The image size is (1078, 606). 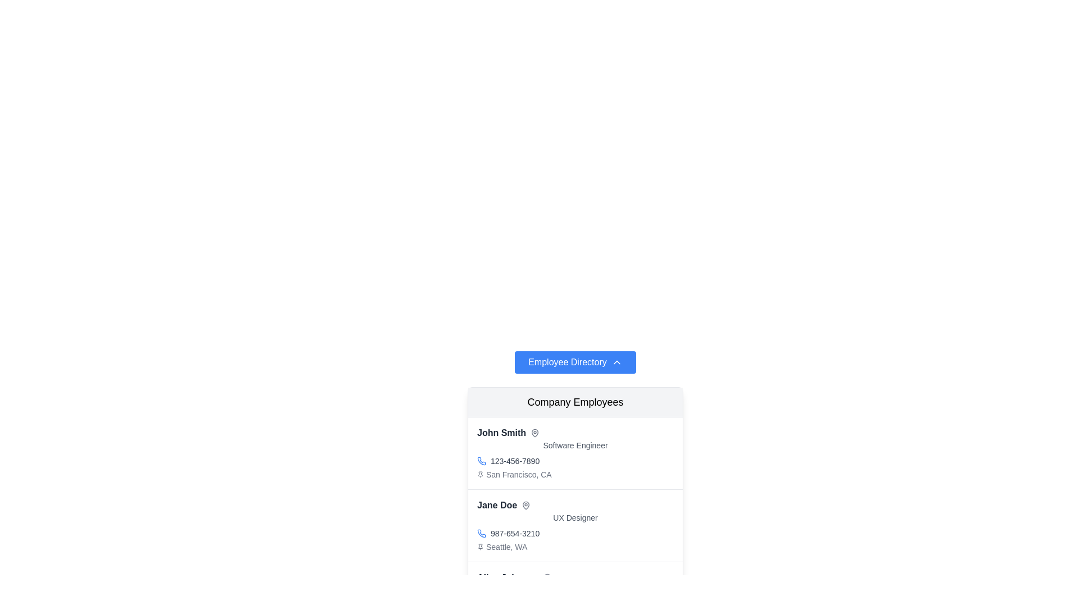 What do you see at coordinates (526, 506) in the screenshot?
I see `the icon located near 'Jane Doe' in the employee directory, positioned slightly above 'Seattle, WA'` at bounding box center [526, 506].